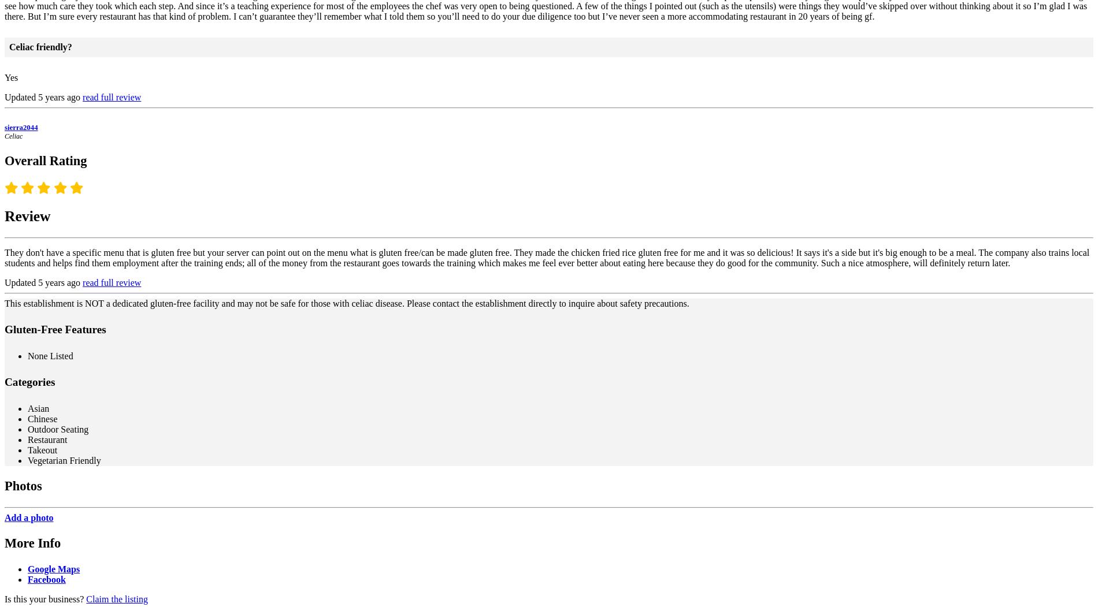 The image size is (1098, 607). What do you see at coordinates (13, 135) in the screenshot?
I see `'Celiac'` at bounding box center [13, 135].